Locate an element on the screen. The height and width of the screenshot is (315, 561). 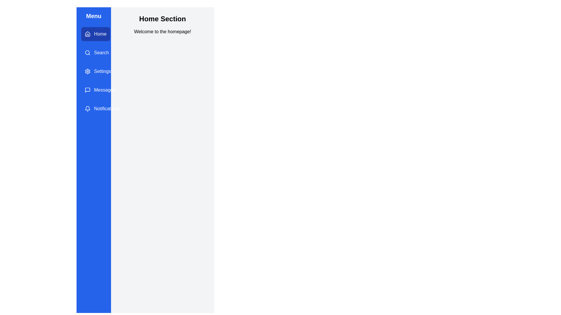
the 'Messages' navigation button located in the left sidebar menu, positioned fourth from the top is located at coordinates (100, 90).